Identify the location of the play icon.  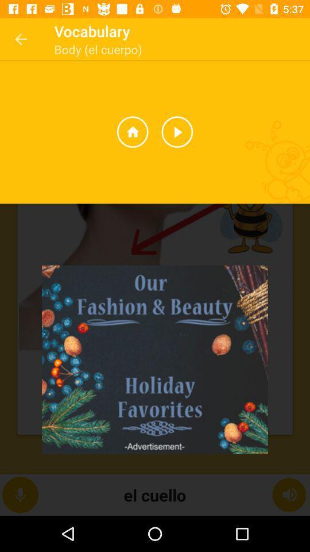
(177, 132).